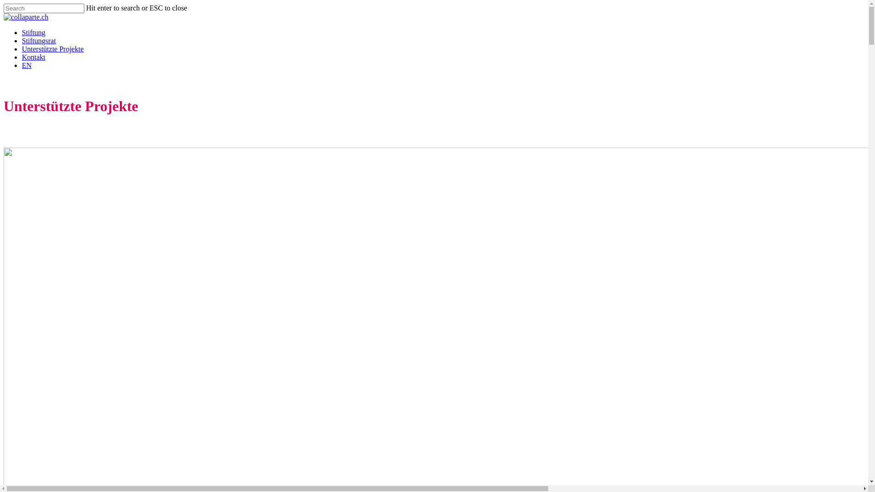 Image resolution: width=875 pixels, height=492 pixels. What do you see at coordinates (22, 57) in the screenshot?
I see `'Kontakt'` at bounding box center [22, 57].